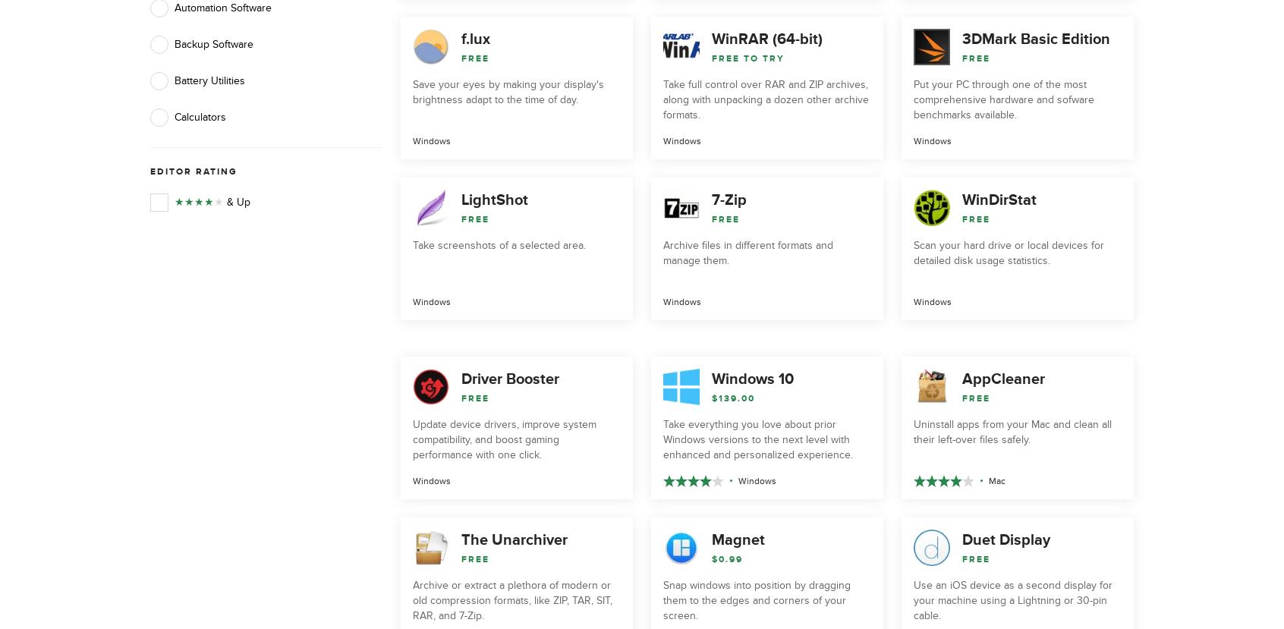  Describe the element at coordinates (1002, 98) in the screenshot. I see `'Put your PC through one of the most comprehensive hardware and sofware benchmarks available.'` at that location.